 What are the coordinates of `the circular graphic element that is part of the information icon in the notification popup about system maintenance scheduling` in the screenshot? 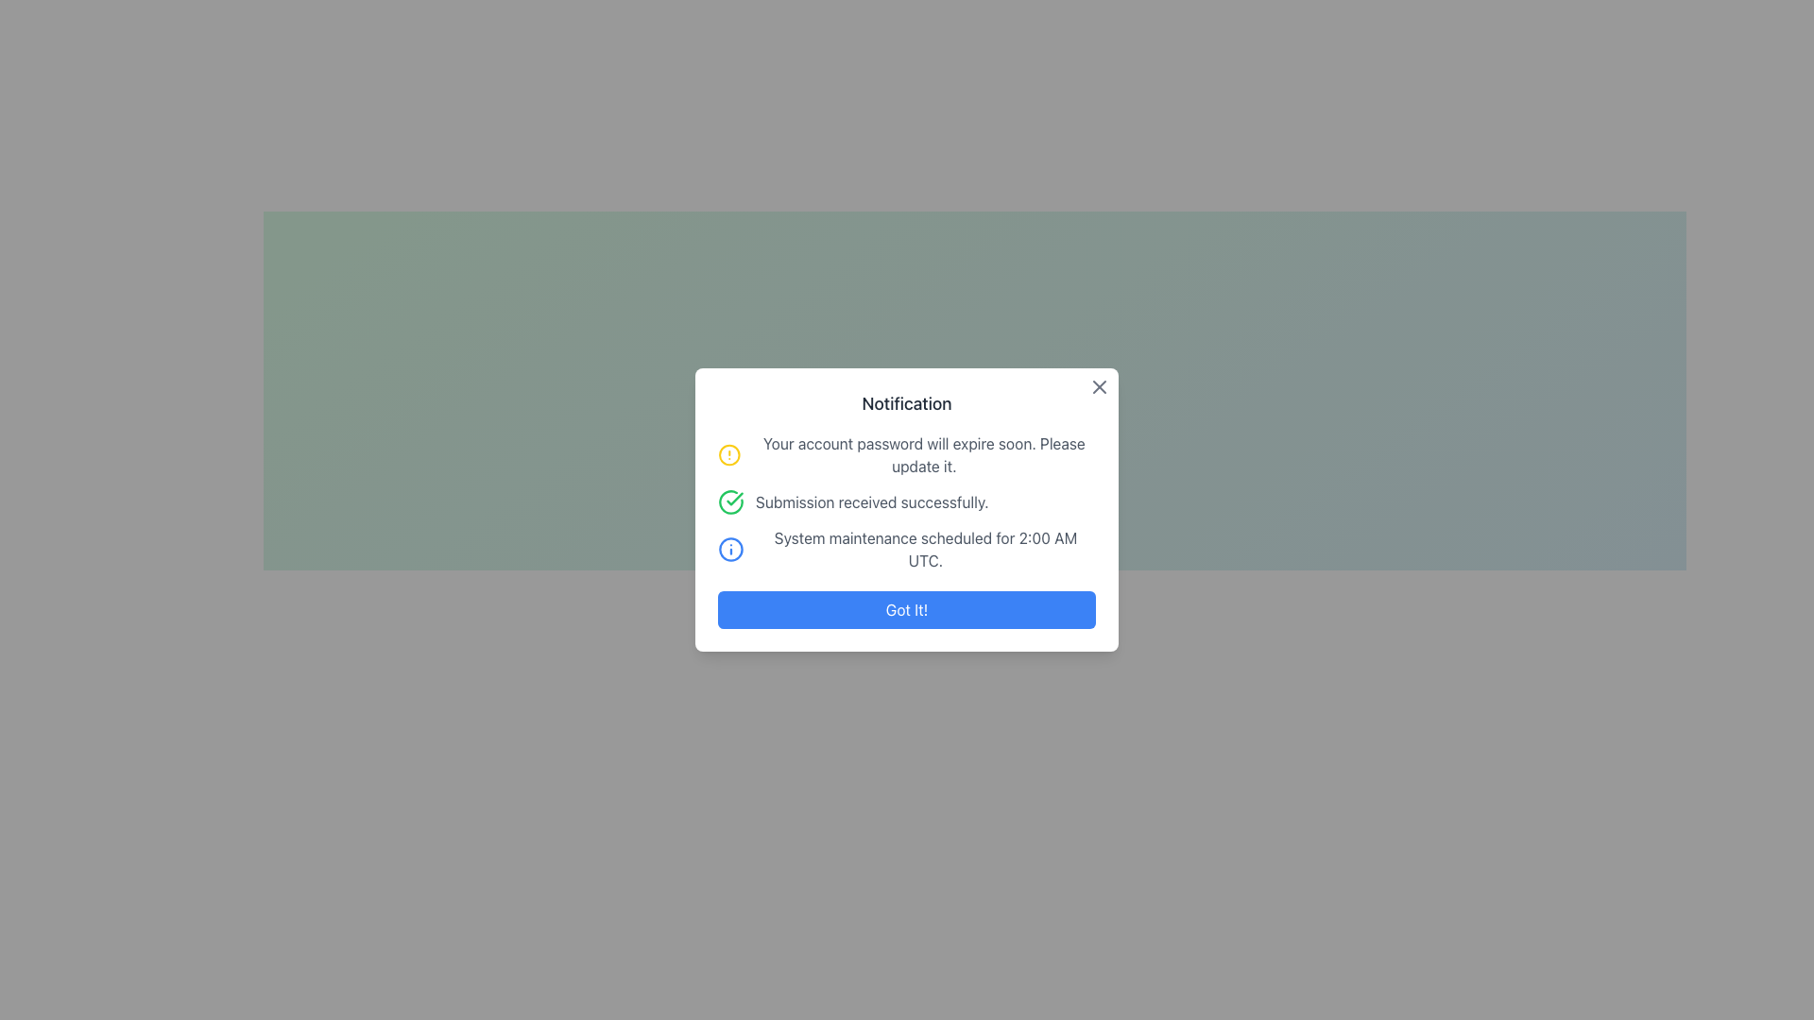 It's located at (729, 550).